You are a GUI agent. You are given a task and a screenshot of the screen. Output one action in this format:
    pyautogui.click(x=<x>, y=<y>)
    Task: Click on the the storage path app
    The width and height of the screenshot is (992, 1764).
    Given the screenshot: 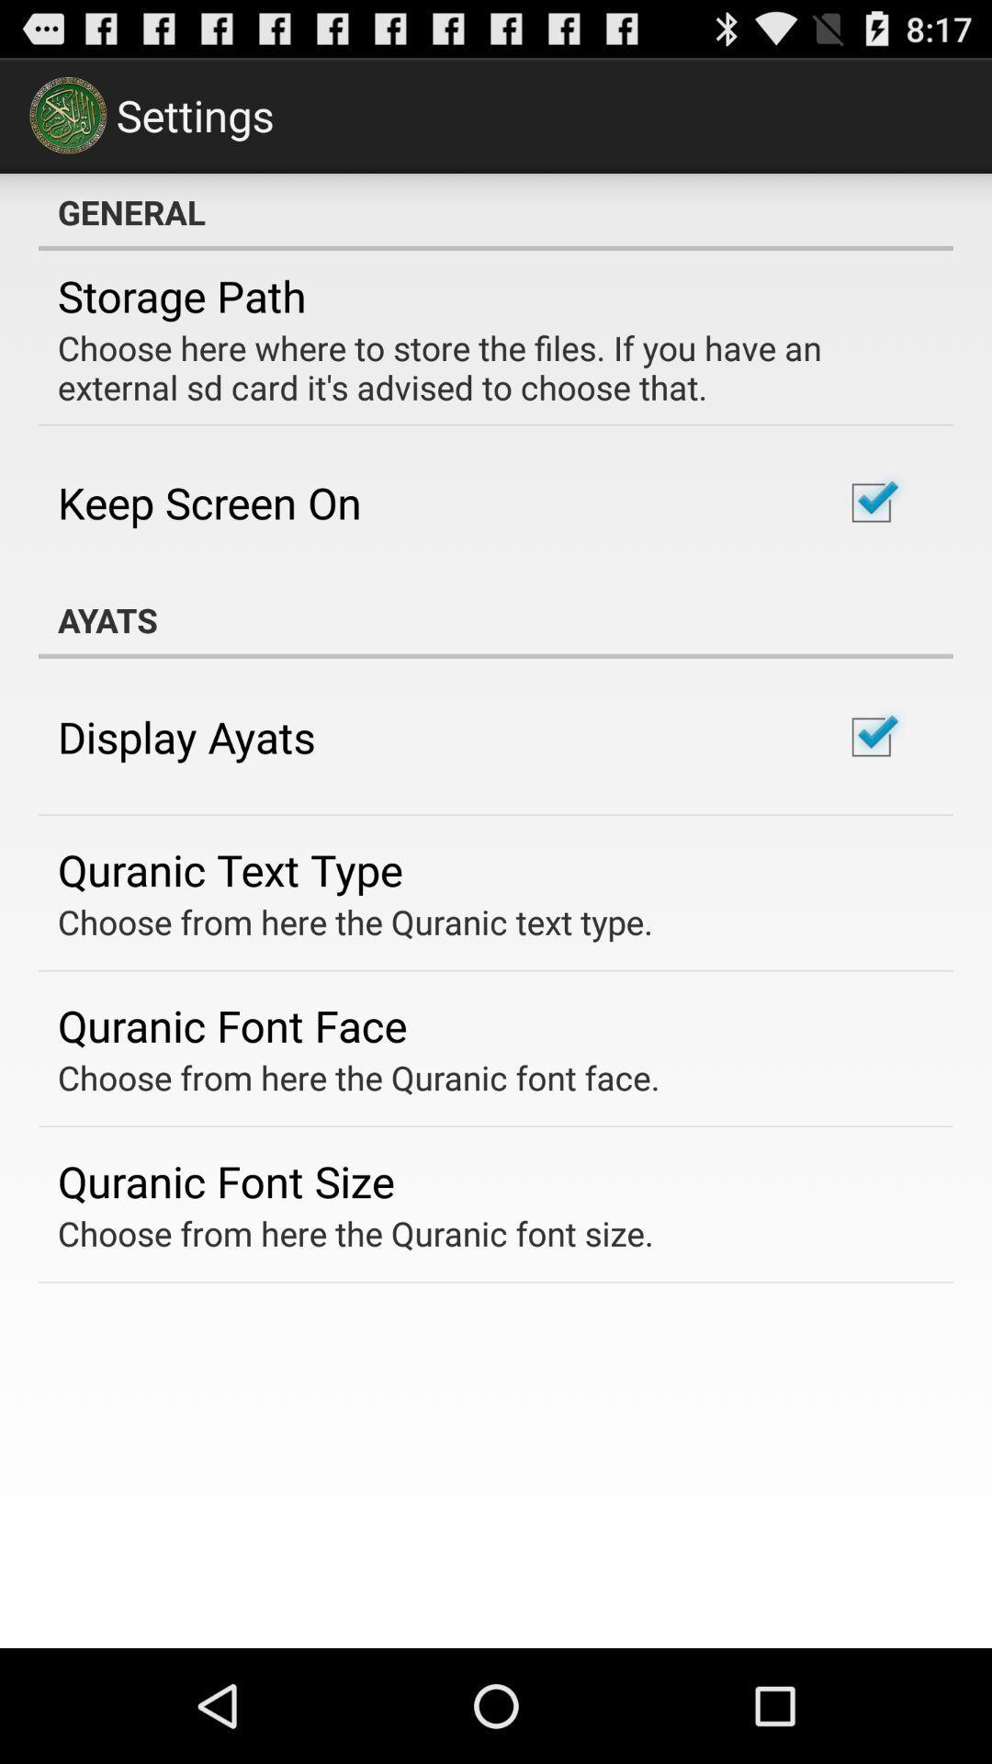 What is the action you would take?
    pyautogui.click(x=182, y=296)
    